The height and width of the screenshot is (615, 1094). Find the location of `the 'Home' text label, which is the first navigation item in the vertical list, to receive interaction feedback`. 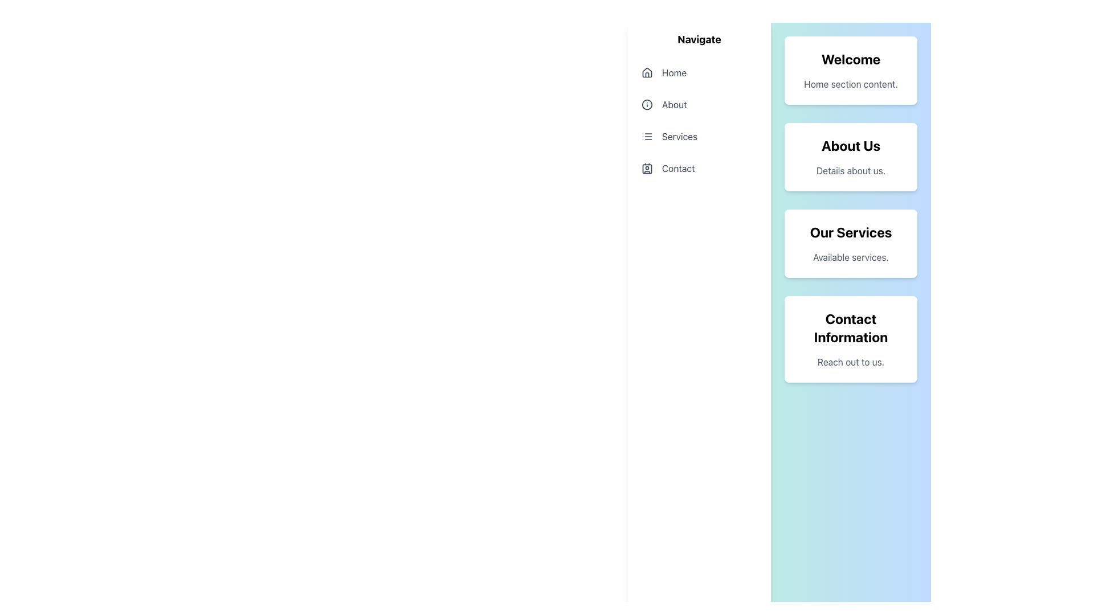

the 'Home' text label, which is the first navigation item in the vertical list, to receive interaction feedback is located at coordinates (674, 72).